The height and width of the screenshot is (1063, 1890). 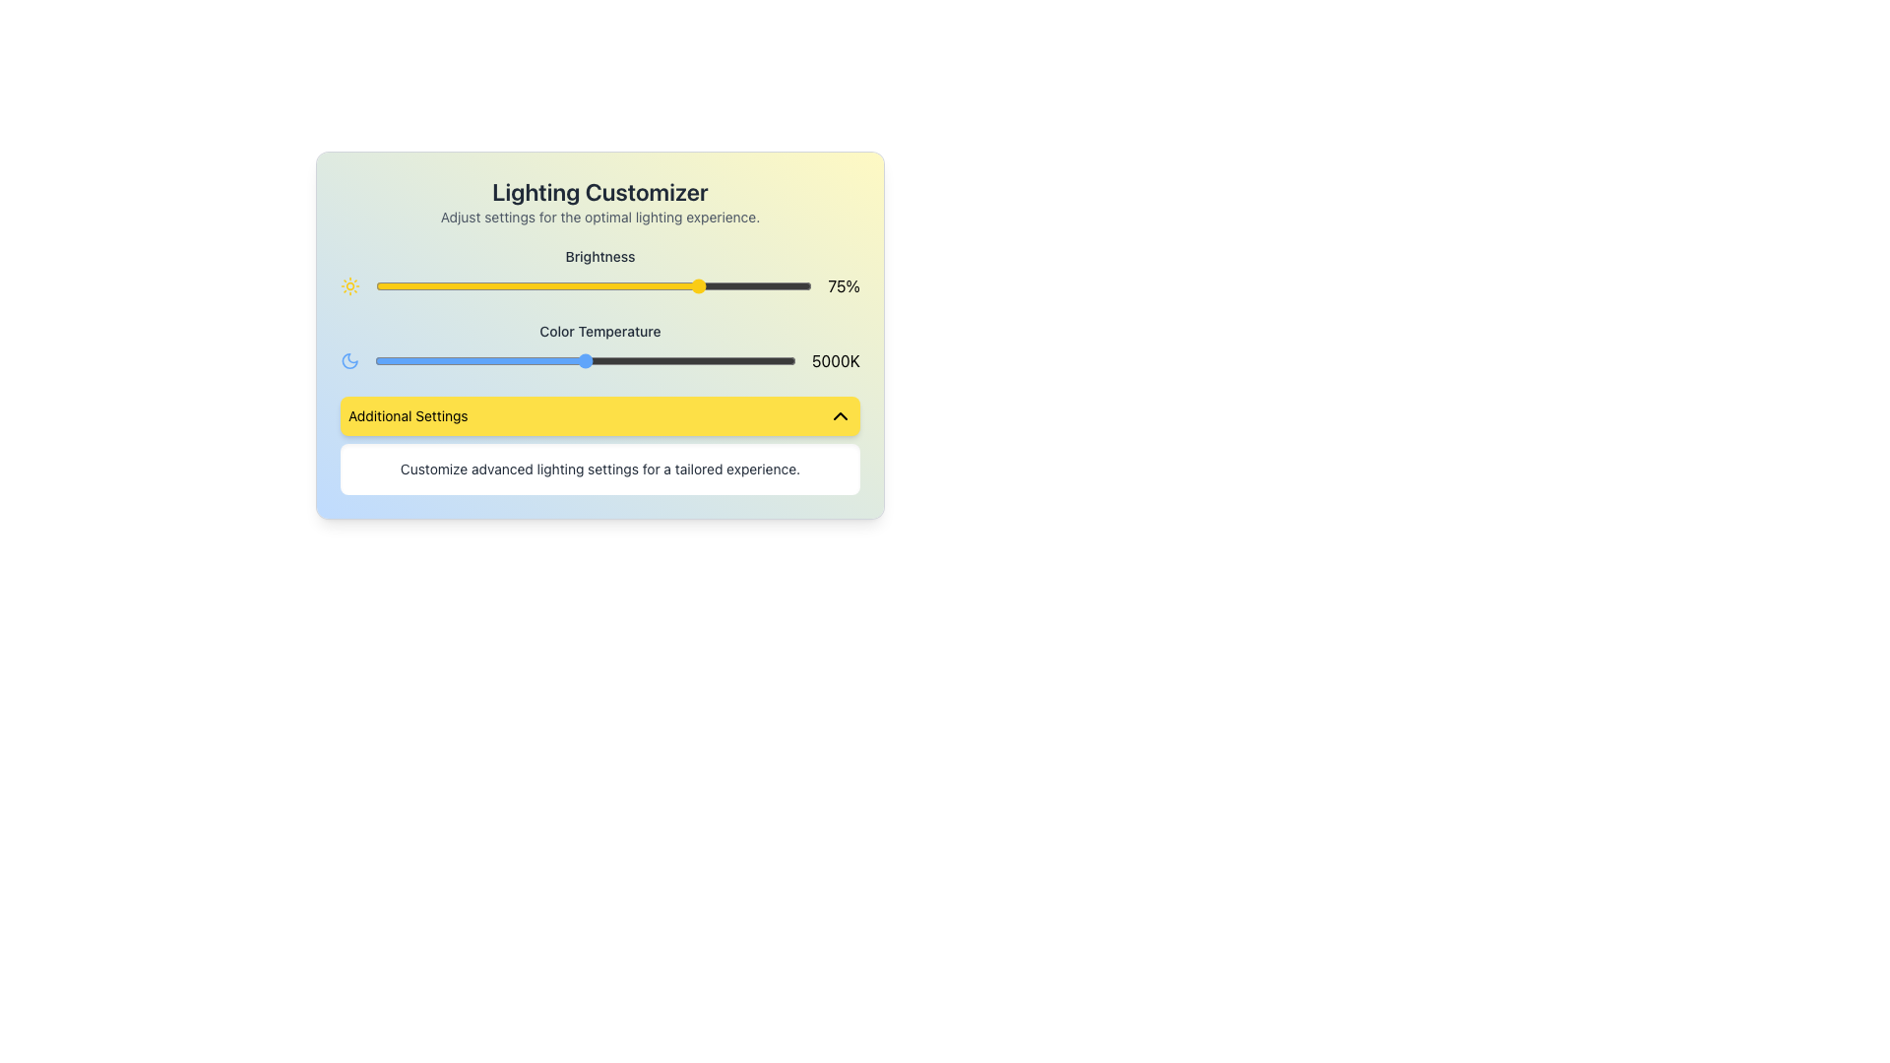 What do you see at coordinates (544, 360) in the screenshot?
I see `the color temperature` at bounding box center [544, 360].